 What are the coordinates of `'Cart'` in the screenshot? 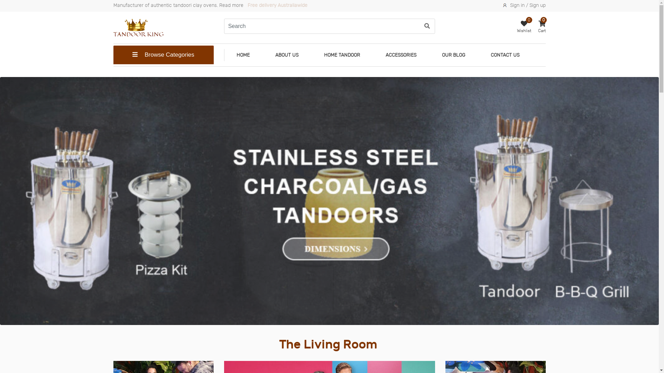 It's located at (541, 27).